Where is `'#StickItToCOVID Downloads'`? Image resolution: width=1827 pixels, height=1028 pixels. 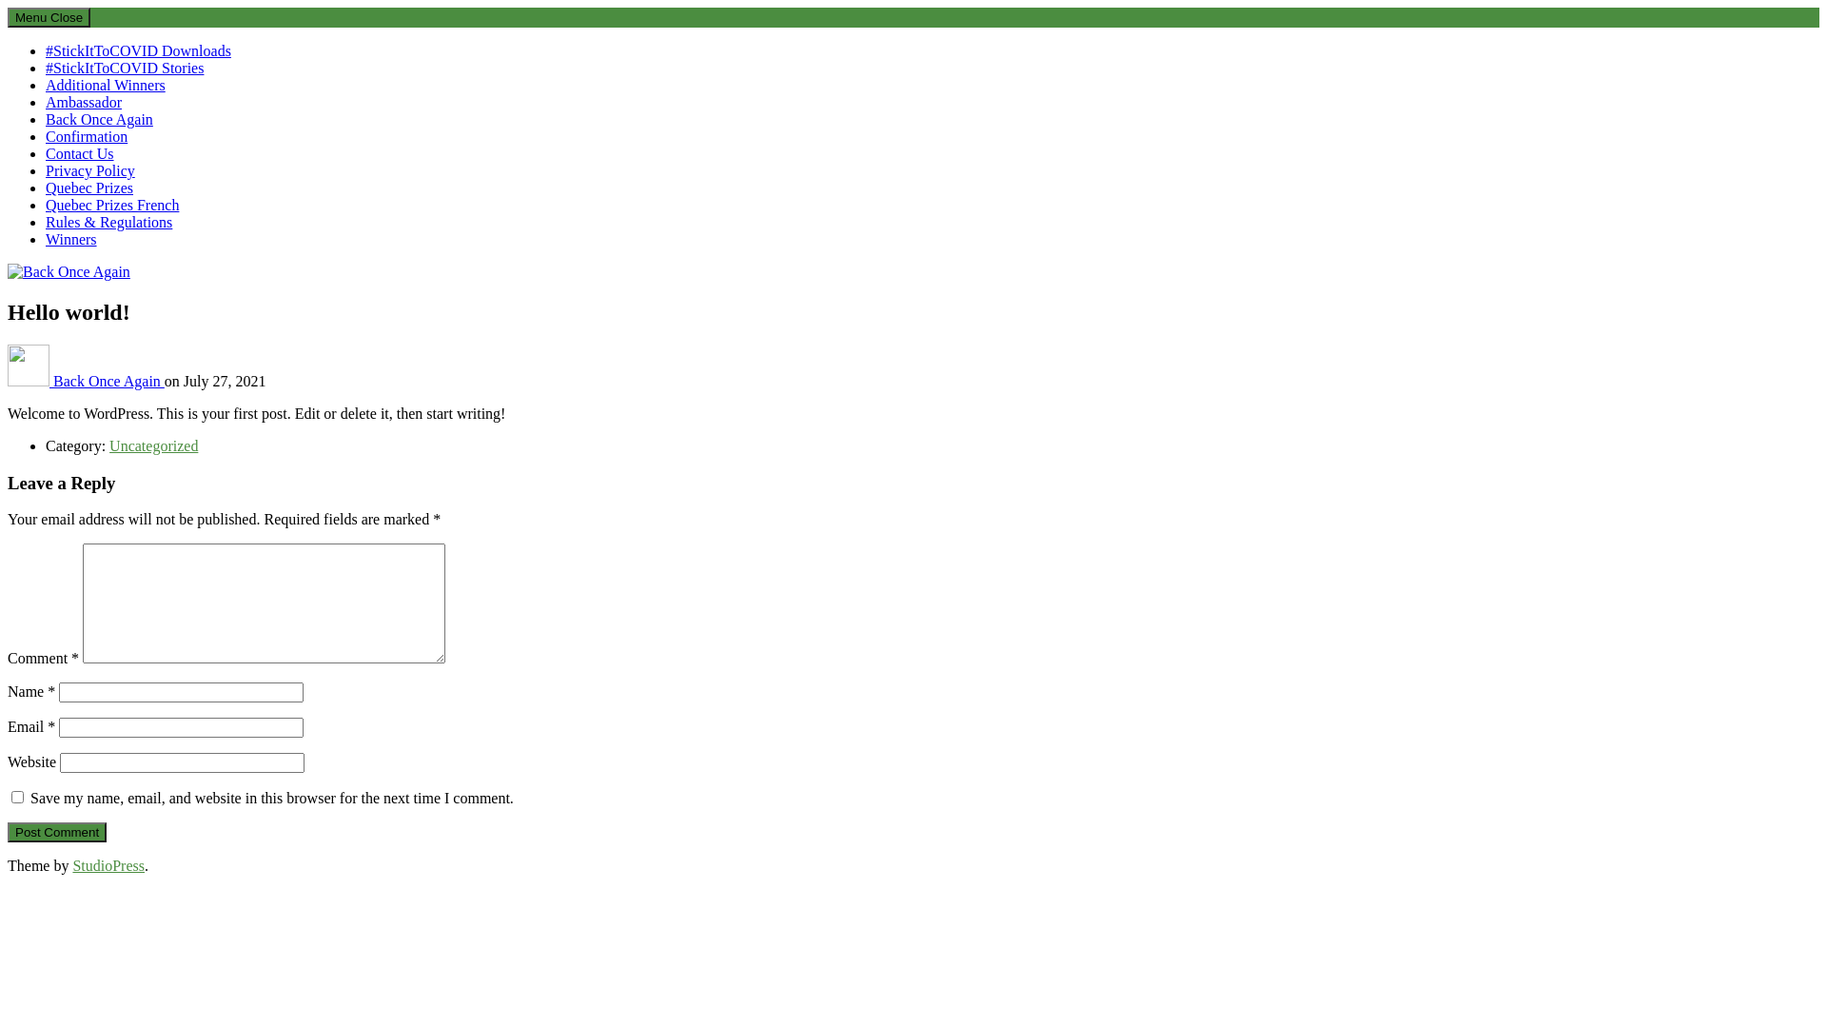 '#StickItToCOVID Downloads' is located at coordinates (137, 49).